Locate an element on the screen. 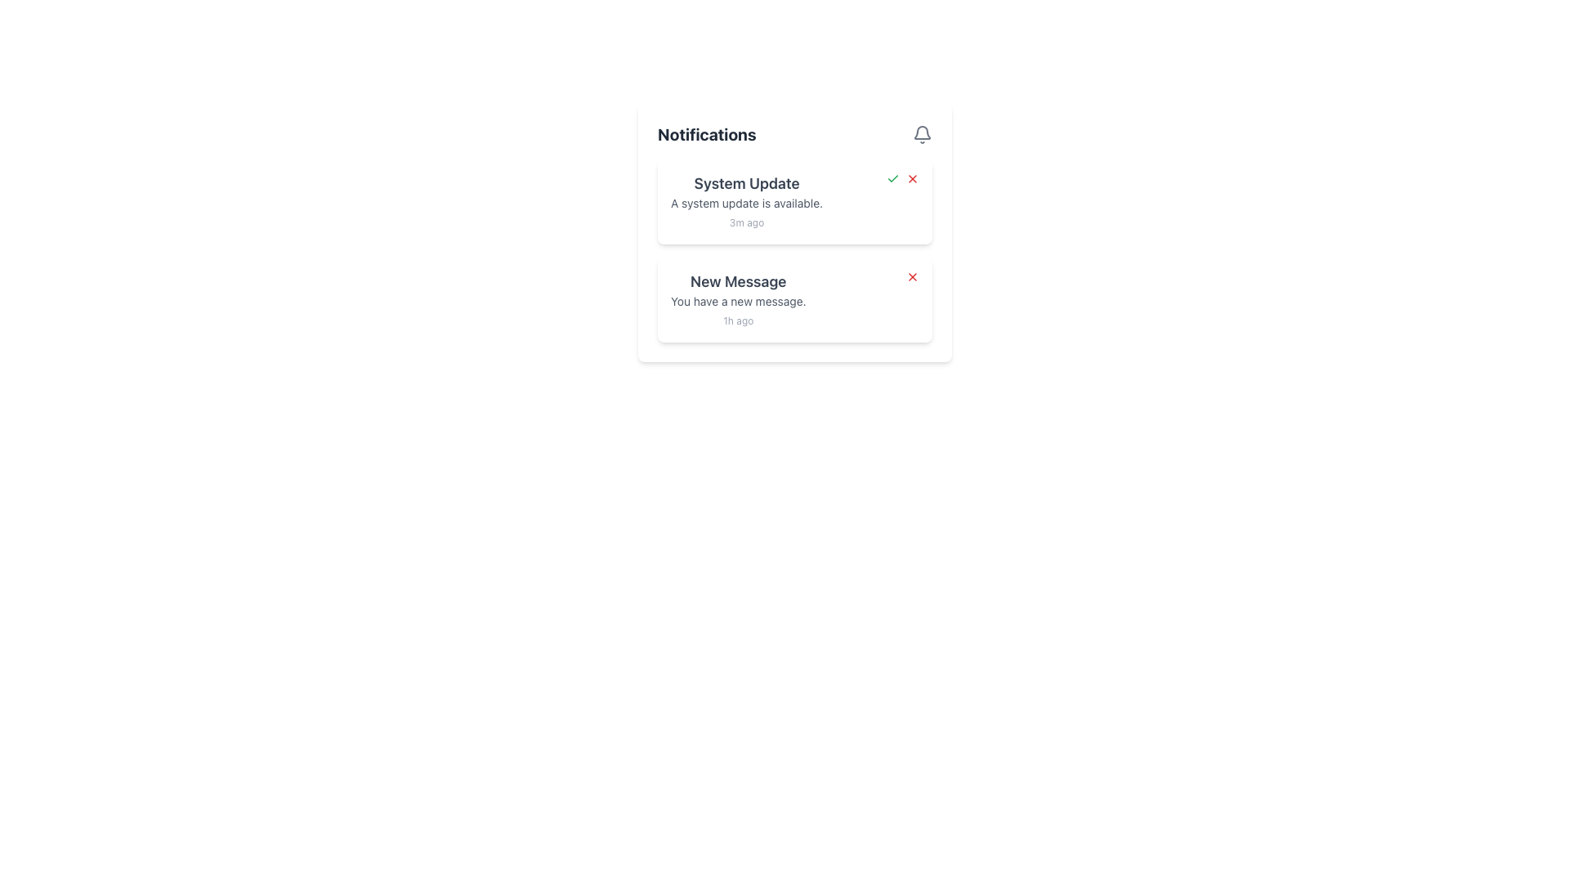 Image resolution: width=1569 pixels, height=883 pixels. the 'New Message' notification item, which contains a bold heading, a message text, and a timestamp is located at coordinates (737, 299).